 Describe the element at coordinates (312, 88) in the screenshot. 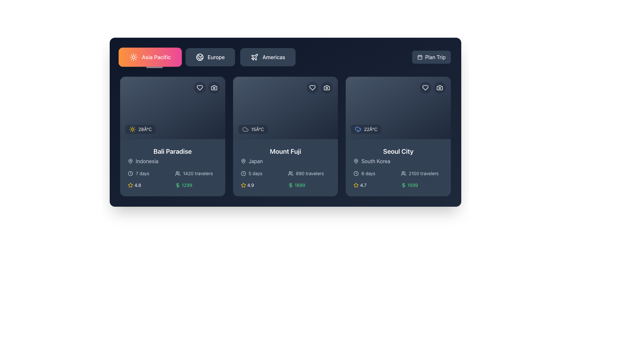

I see `the heart outline button located` at that location.